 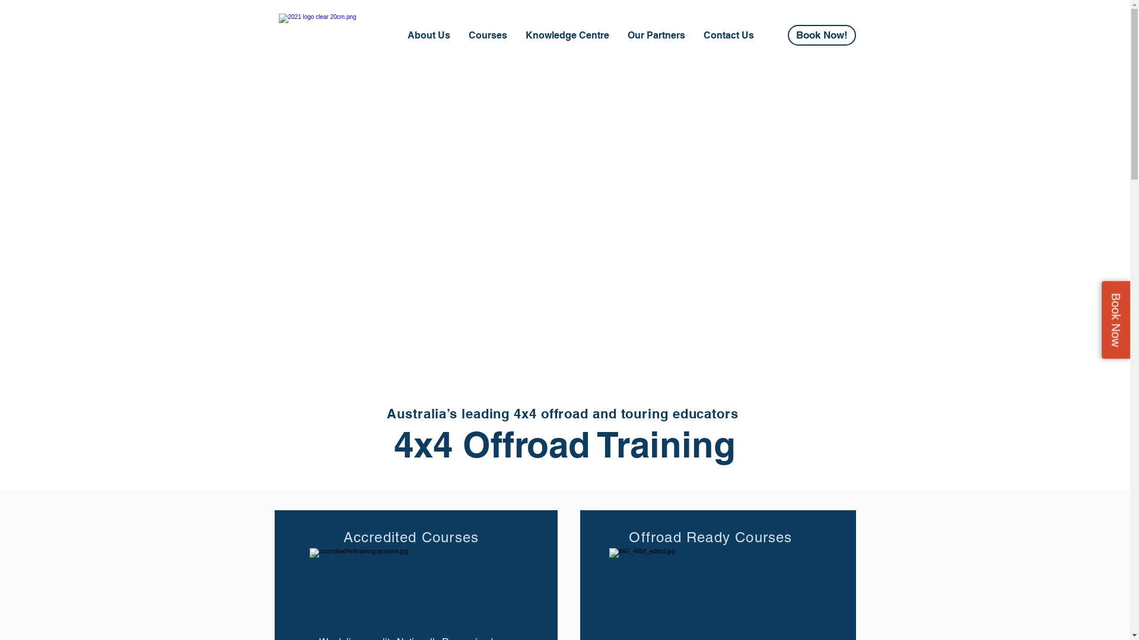 I want to click on 'Our Partners', so click(x=655, y=35).